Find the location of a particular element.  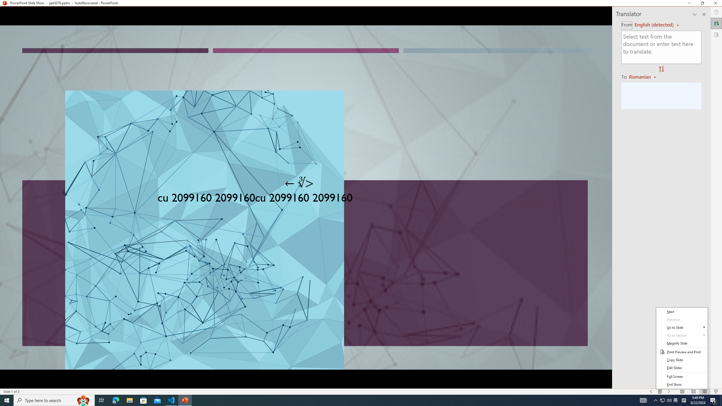

'Romanian' is located at coordinates (643, 76).